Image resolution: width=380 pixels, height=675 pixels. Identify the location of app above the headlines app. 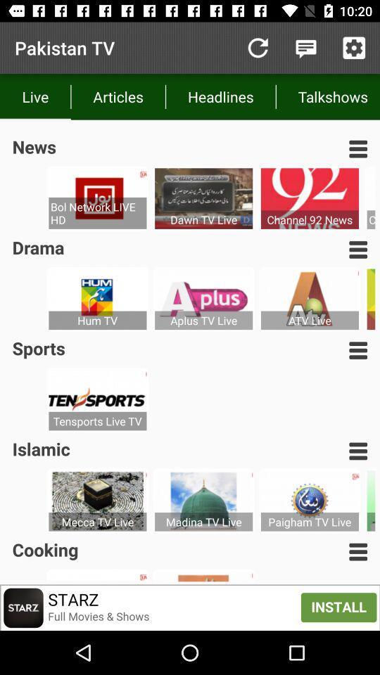
(257, 48).